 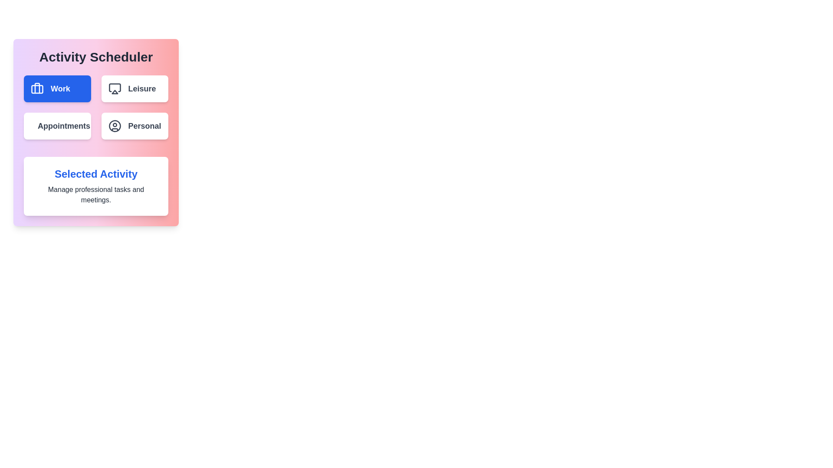 What do you see at coordinates (37, 88) in the screenshot?
I see `the vertical line feature within the briefcase icon on the left side of the 'Work' button in the 'Activity Scheduler' card` at bounding box center [37, 88].